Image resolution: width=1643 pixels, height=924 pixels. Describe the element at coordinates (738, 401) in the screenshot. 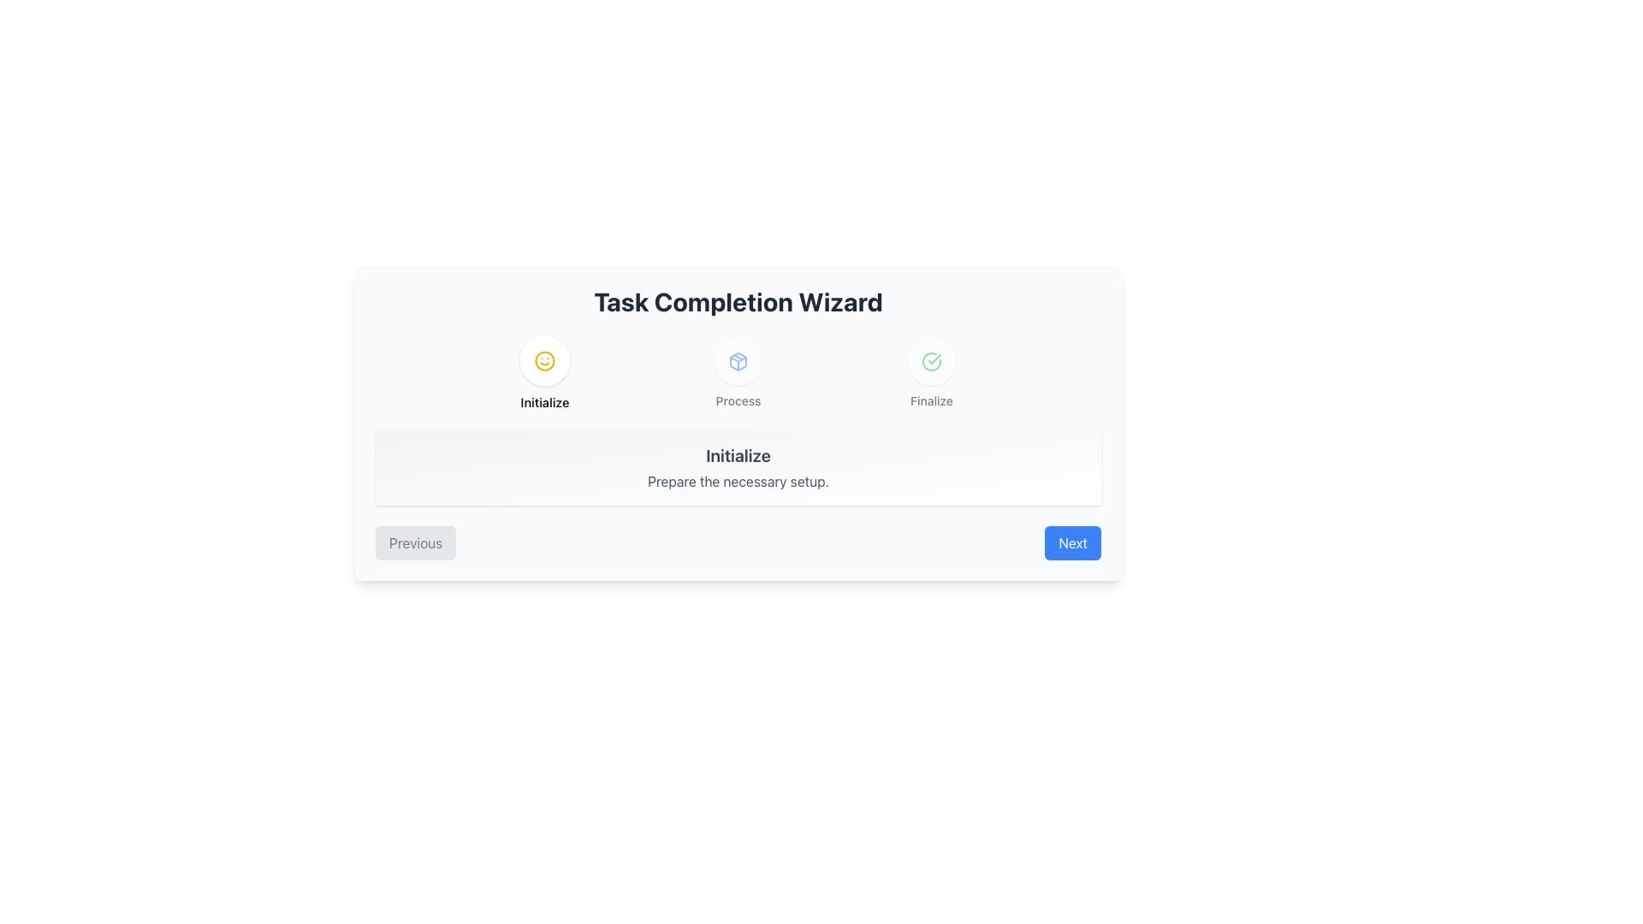

I see `the 'Process' label, which is the second step in the process flow, located centrally beneath the blue package icon` at that location.